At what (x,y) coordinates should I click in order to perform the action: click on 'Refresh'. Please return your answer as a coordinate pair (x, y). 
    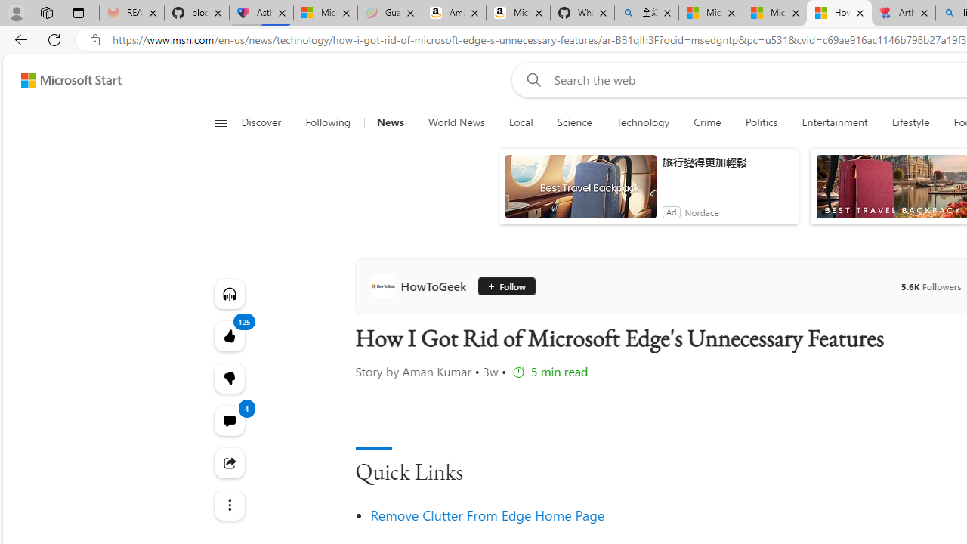
    Looking at the image, I should click on (54, 39).